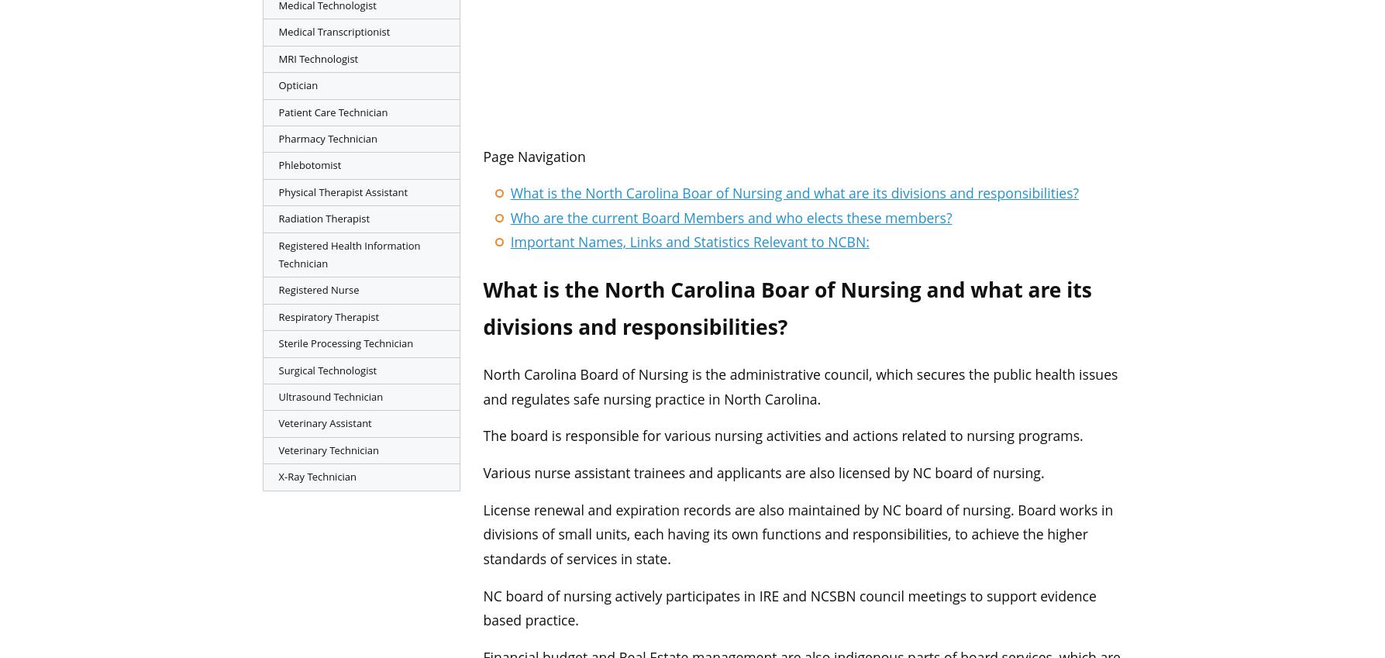 This screenshot has width=1385, height=658. What do you see at coordinates (319, 289) in the screenshot?
I see `'Registered Nurse'` at bounding box center [319, 289].